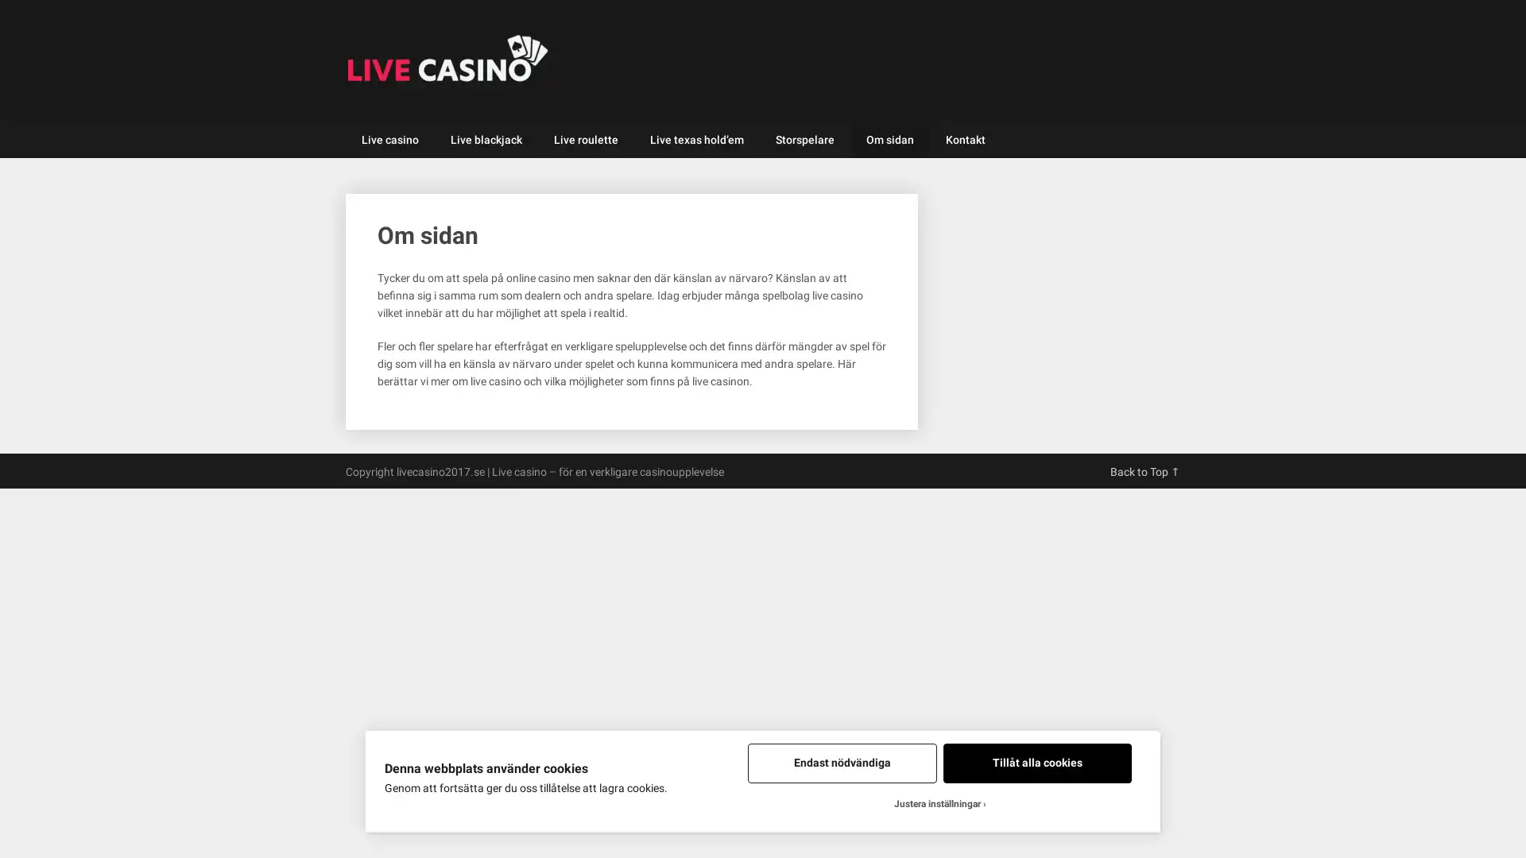 The height and width of the screenshot is (858, 1526). Describe the element at coordinates (939, 804) in the screenshot. I see `Justera installningar` at that location.